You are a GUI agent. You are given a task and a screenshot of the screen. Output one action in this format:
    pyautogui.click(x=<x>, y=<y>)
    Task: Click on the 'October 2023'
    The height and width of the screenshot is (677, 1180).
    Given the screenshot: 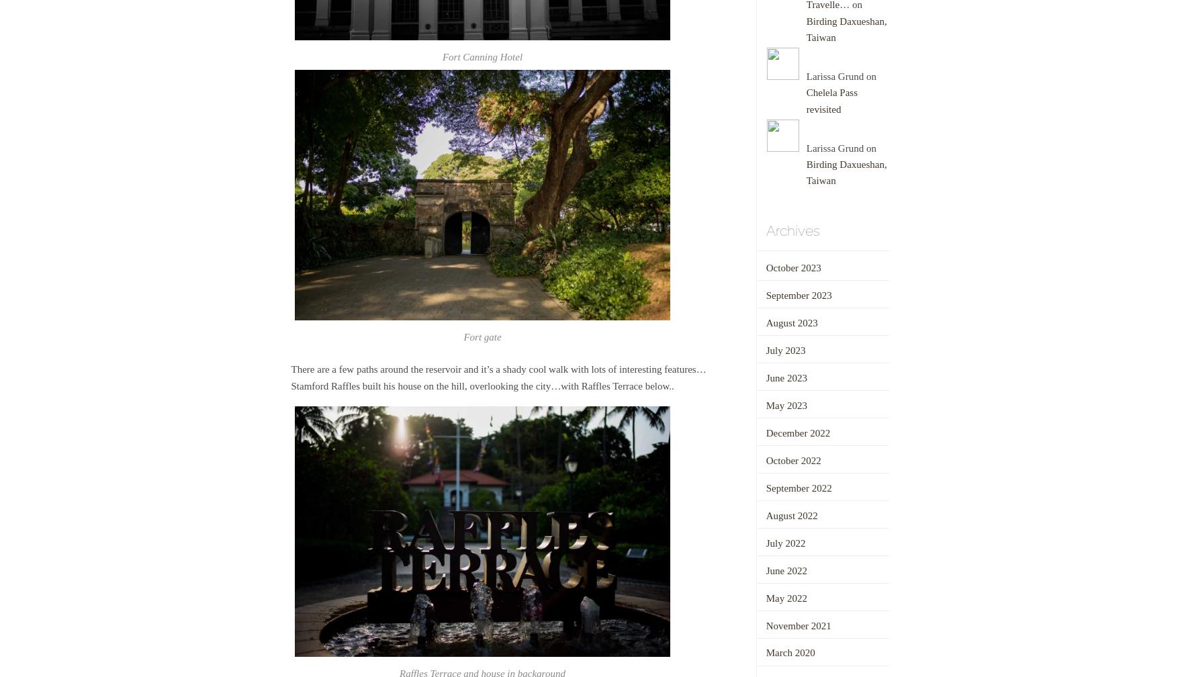 What is the action you would take?
    pyautogui.click(x=764, y=267)
    